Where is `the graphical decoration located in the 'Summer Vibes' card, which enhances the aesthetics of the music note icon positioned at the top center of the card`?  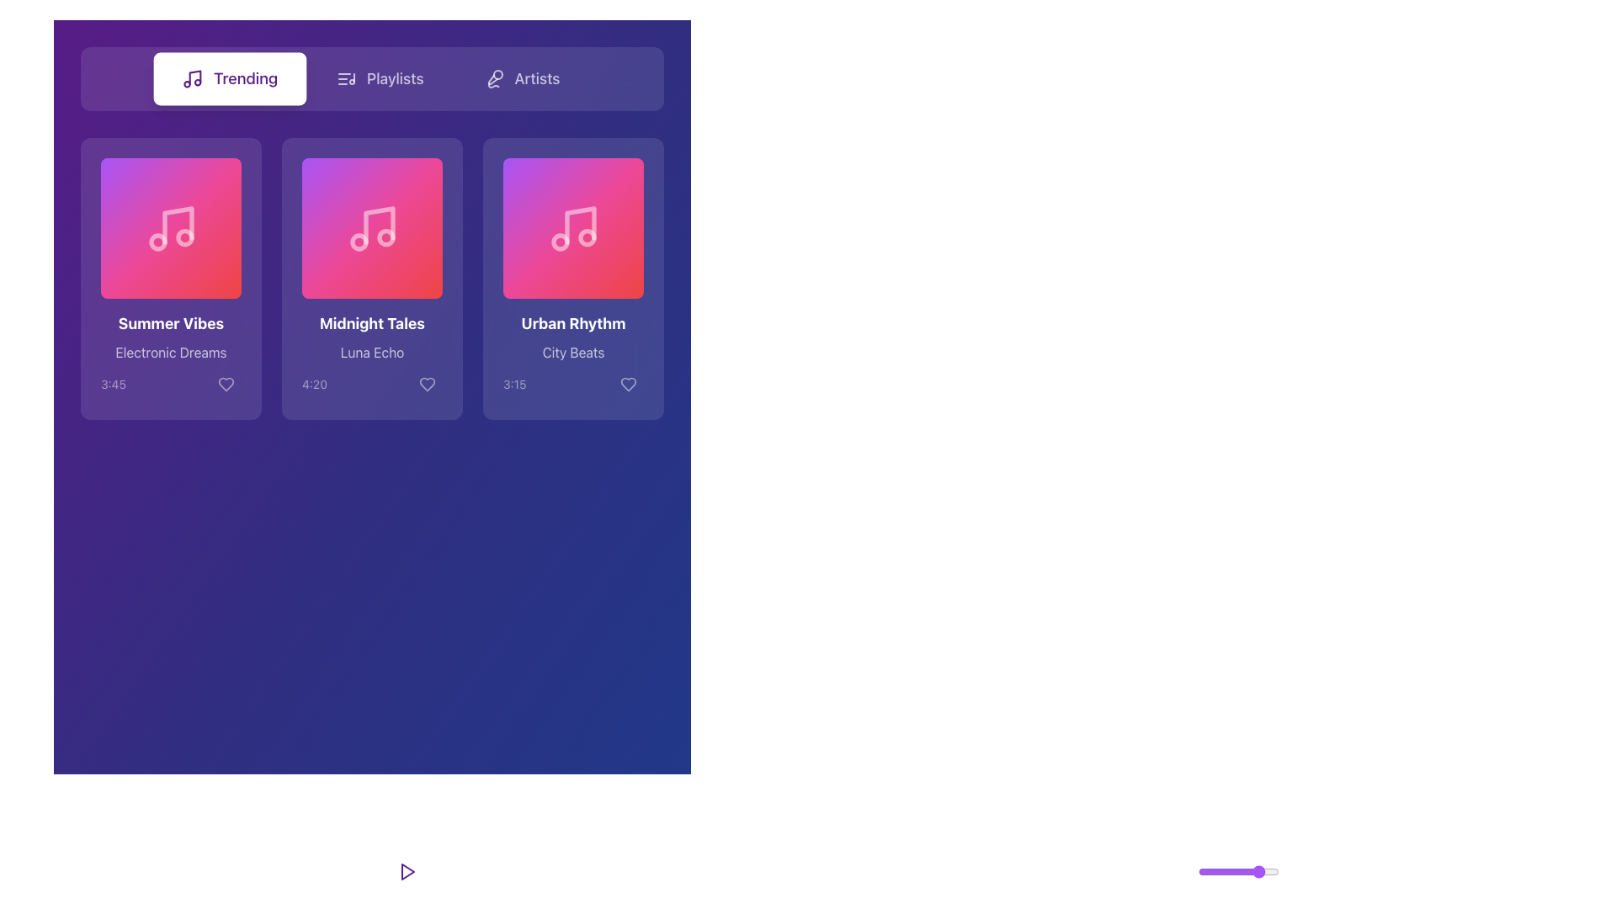
the graphical decoration located in the 'Summer Vibes' card, which enhances the aesthetics of the music note icon positioned at the top center of the card is located at coordinates (173, 228).